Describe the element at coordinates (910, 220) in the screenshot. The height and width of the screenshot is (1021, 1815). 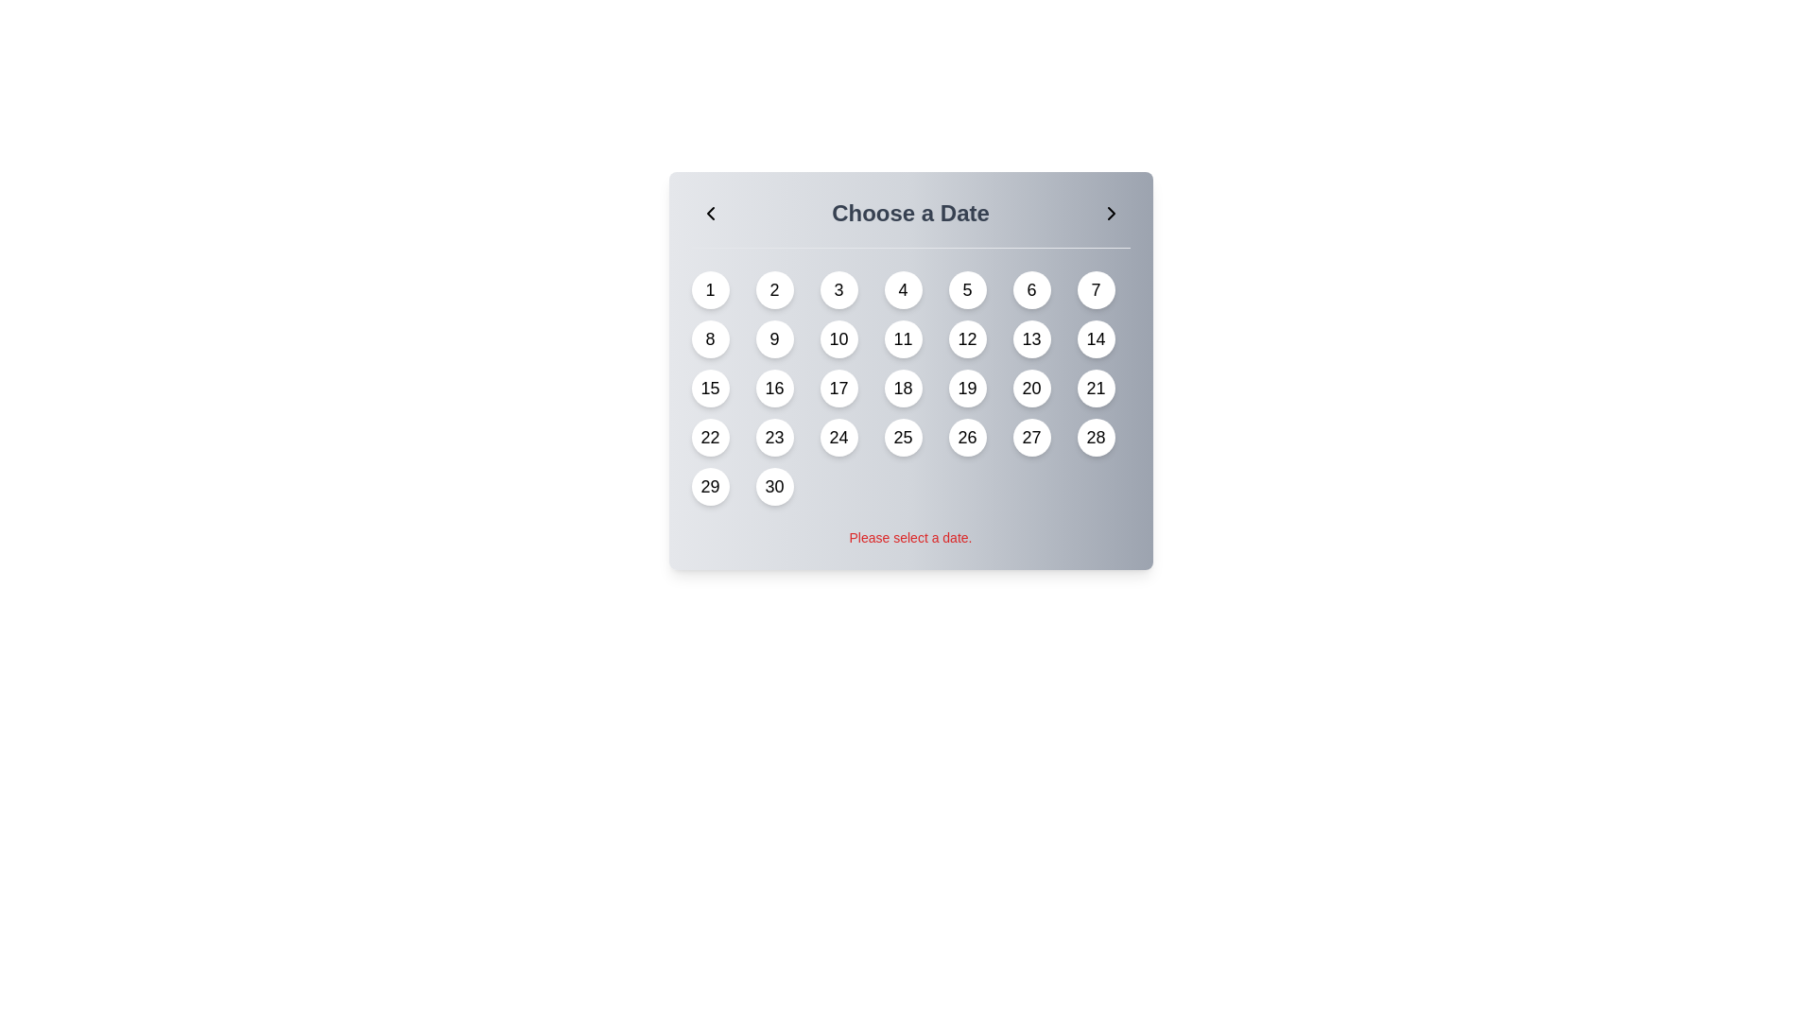
I see `header text of the date picker interface, which is centrally aligned at the top of the dialog and provides navigation controls for date selection` at that location.